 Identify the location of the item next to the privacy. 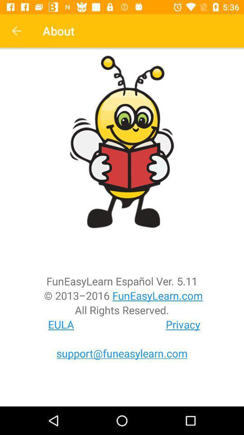
(61, 324).